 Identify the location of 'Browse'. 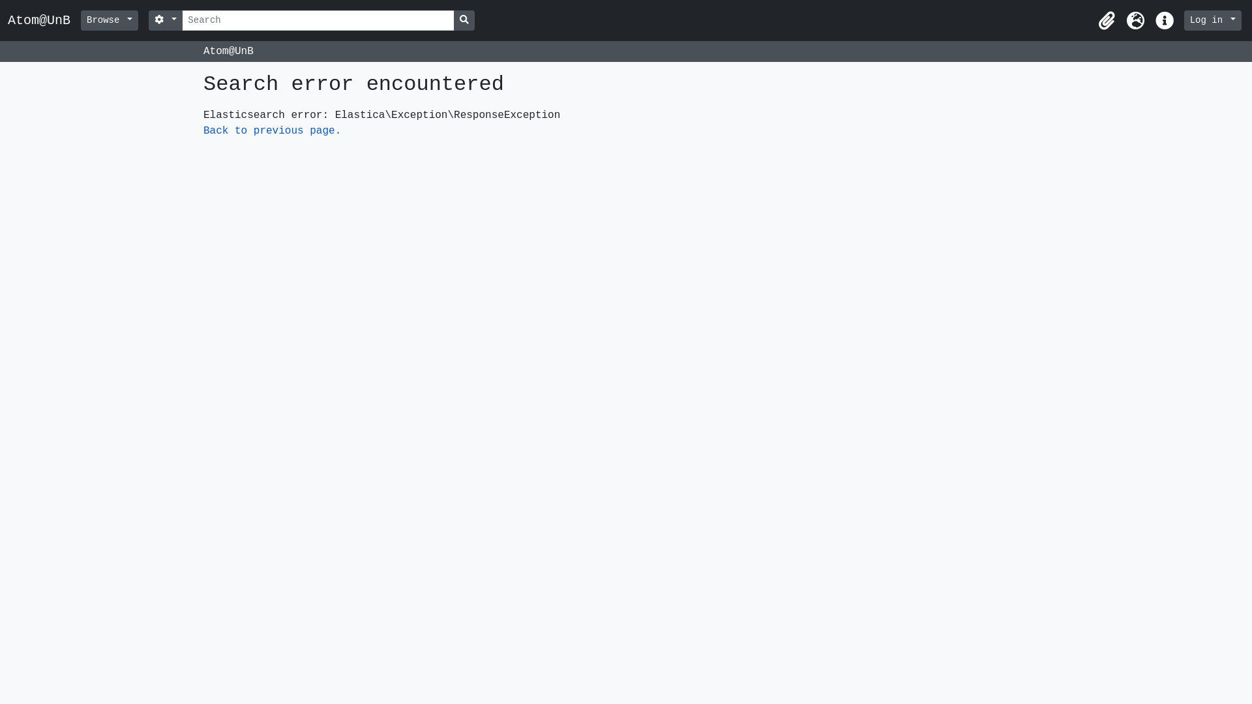
(110, 20).